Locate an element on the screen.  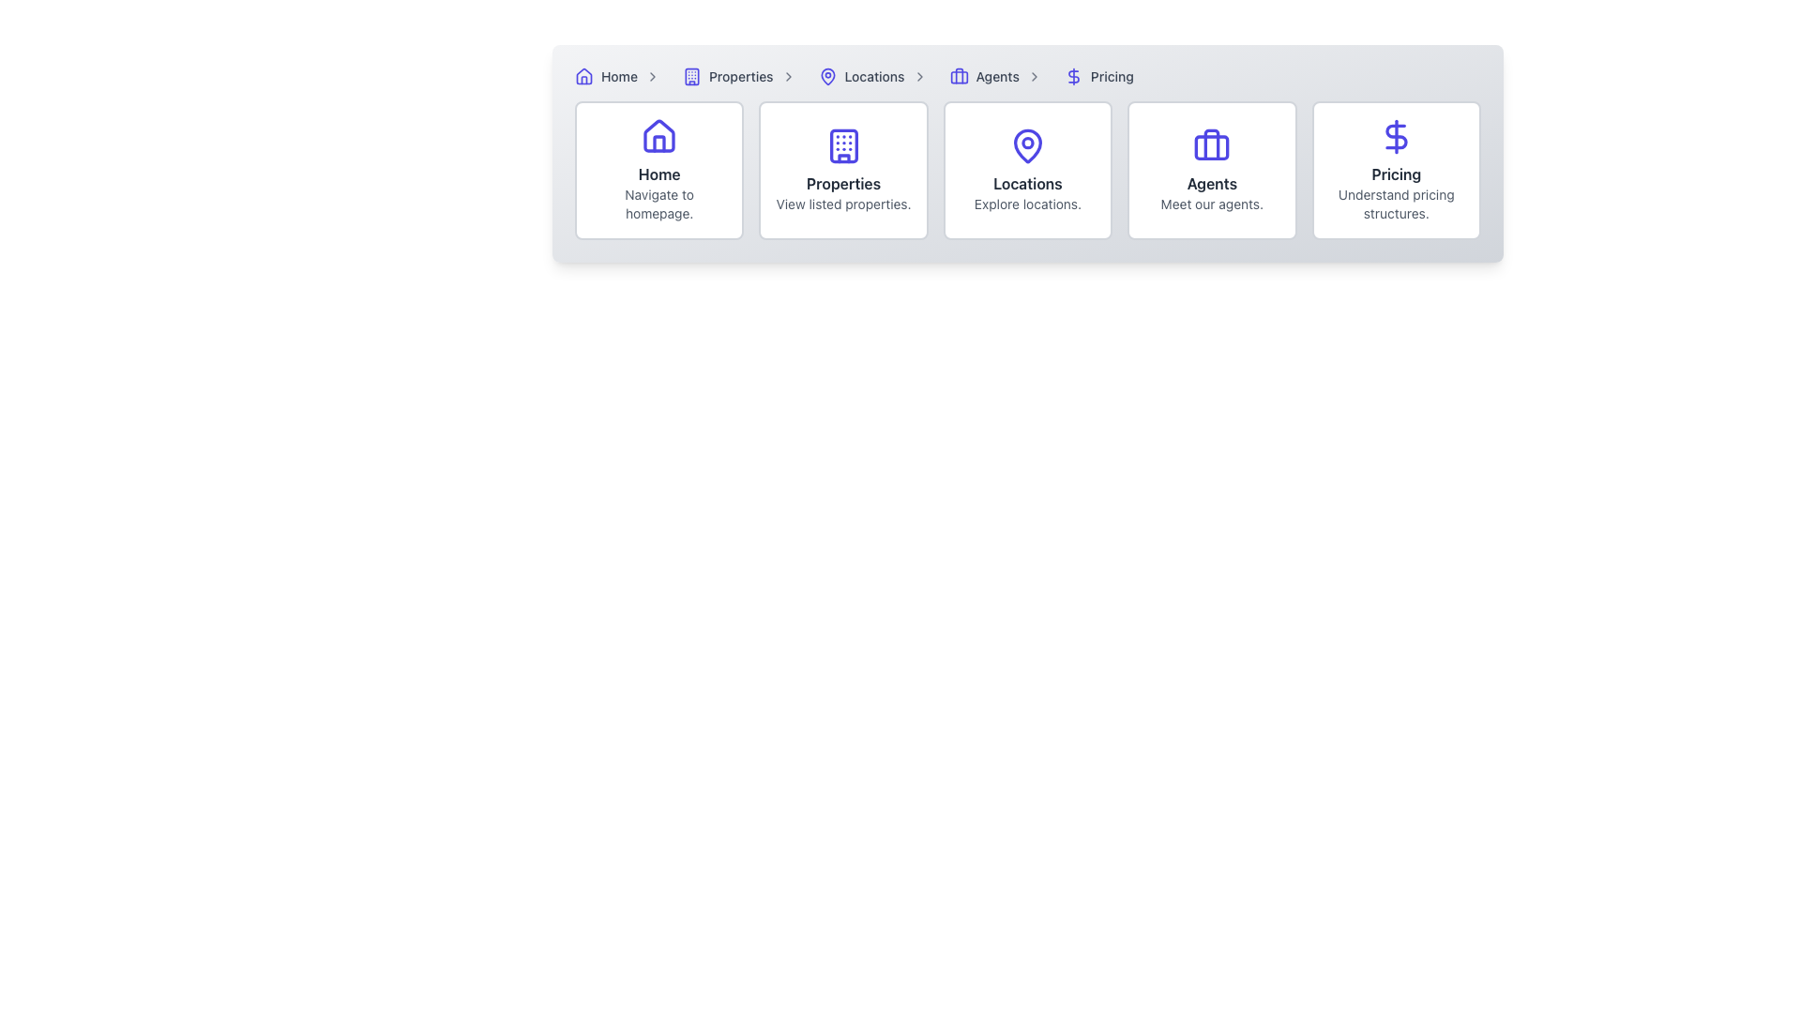
the rightward-pointing chevron icon, which serves as a separator in the breadcrumb navigation, located immediately to the right of the 'Locations' link is located at coordinates (919, 75).